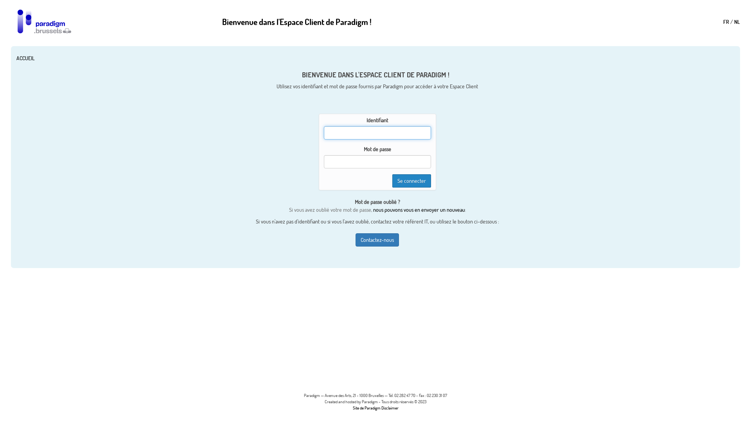 Image resolution: width=751 pixels, height=422 pixels. I want to click on 'NL', so click(737, 21).